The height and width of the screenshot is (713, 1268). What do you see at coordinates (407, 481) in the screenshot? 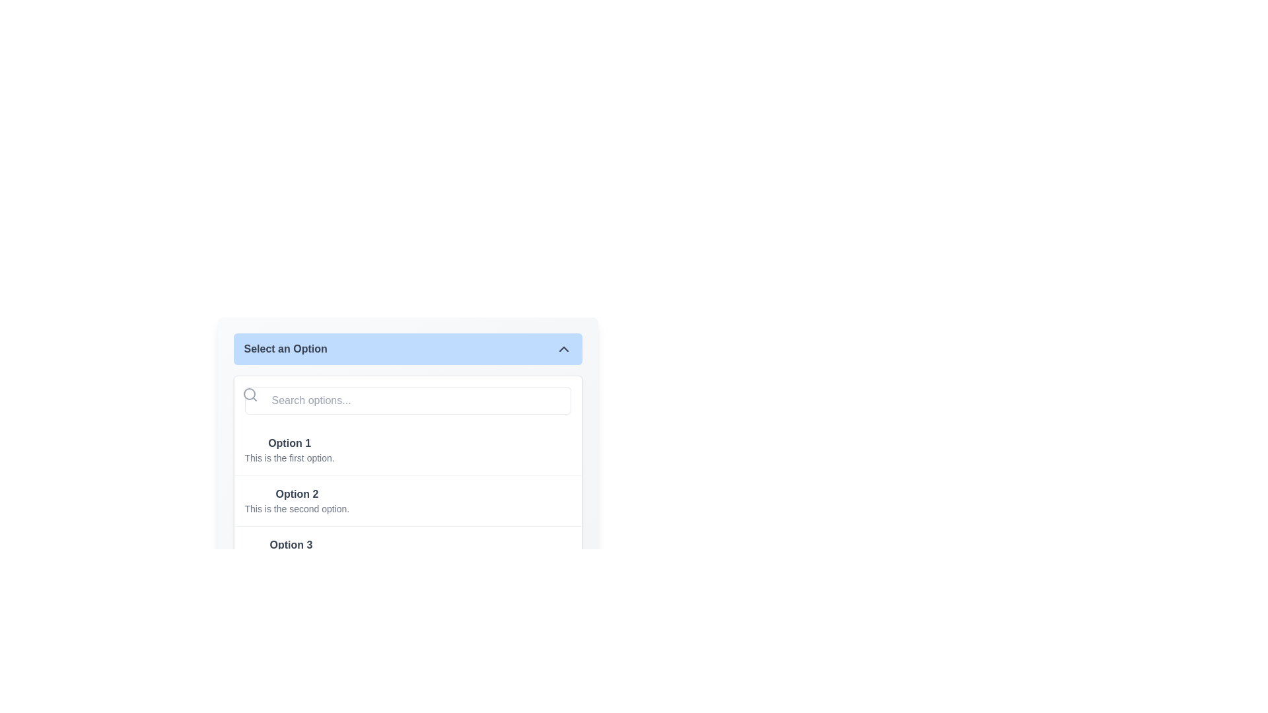
I see `the second option labeled 'Option 2' within the dropdown menu 'Select an Option'` at bounding box center [407, 481].